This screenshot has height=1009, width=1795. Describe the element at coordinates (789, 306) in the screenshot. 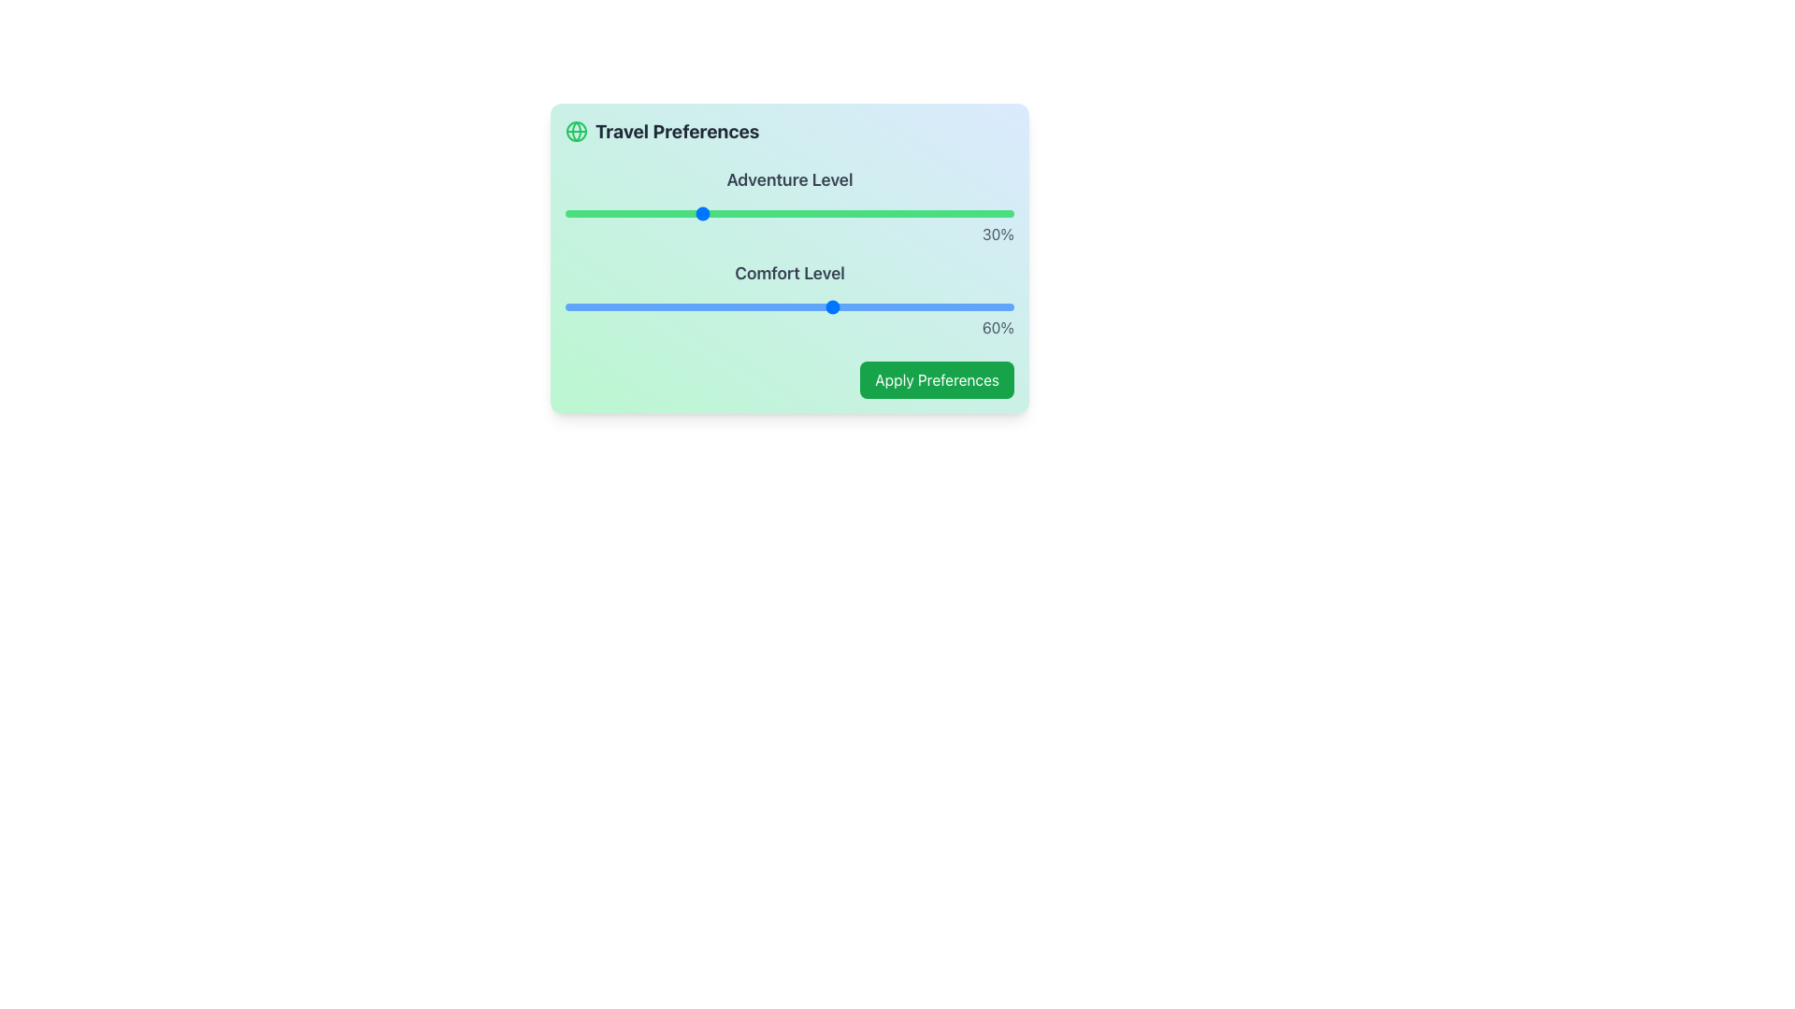

I see `the horizontal slider with a blue bar and a circular thumb, located below the text 'Comfort Level' and above '60%', to set a value` at that location.